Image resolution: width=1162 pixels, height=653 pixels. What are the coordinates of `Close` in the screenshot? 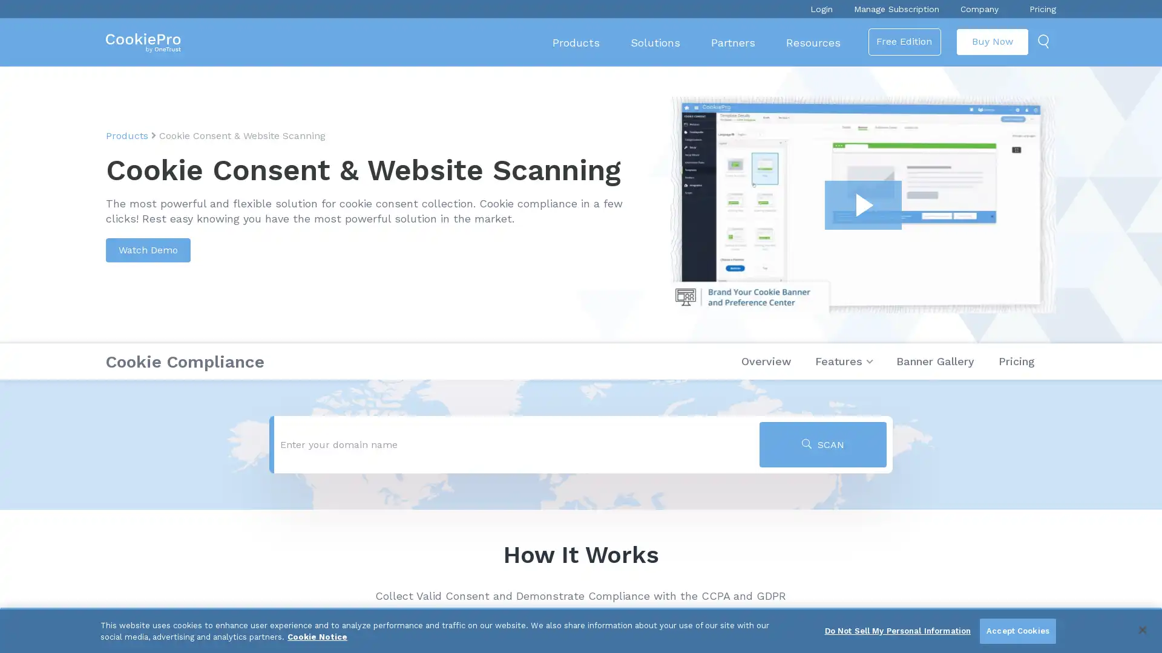 It's located at (1141, 629).